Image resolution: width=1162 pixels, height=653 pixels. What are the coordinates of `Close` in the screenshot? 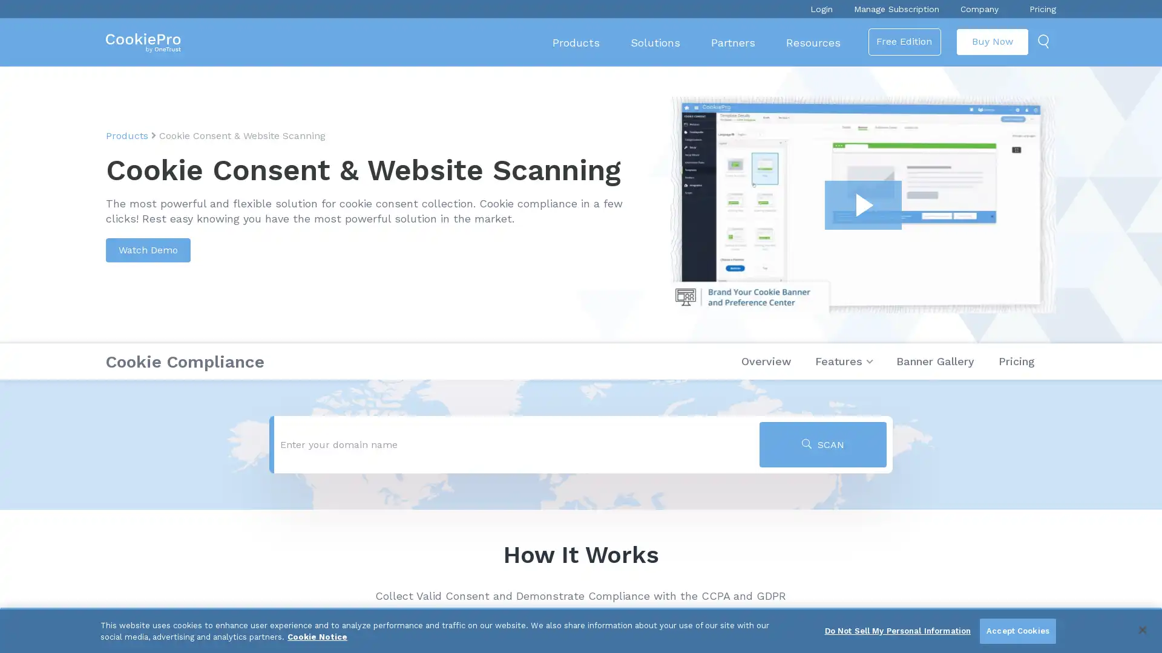 It's located at (1141, 629).